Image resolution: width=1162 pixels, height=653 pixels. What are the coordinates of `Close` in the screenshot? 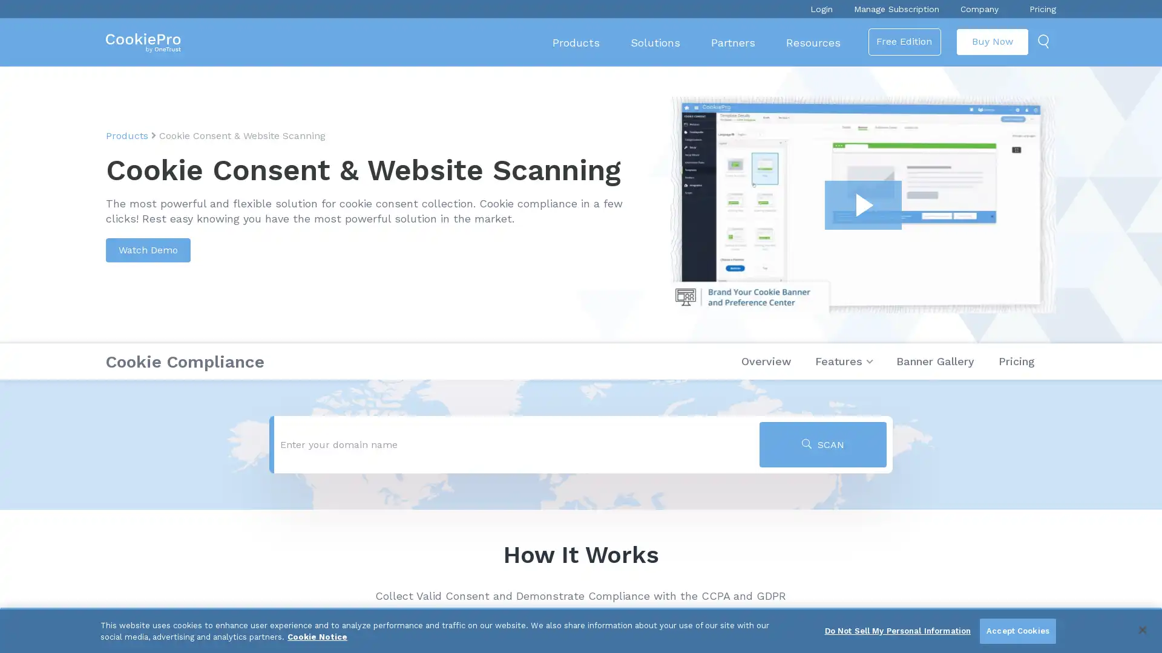 It's located at (1141, 629).